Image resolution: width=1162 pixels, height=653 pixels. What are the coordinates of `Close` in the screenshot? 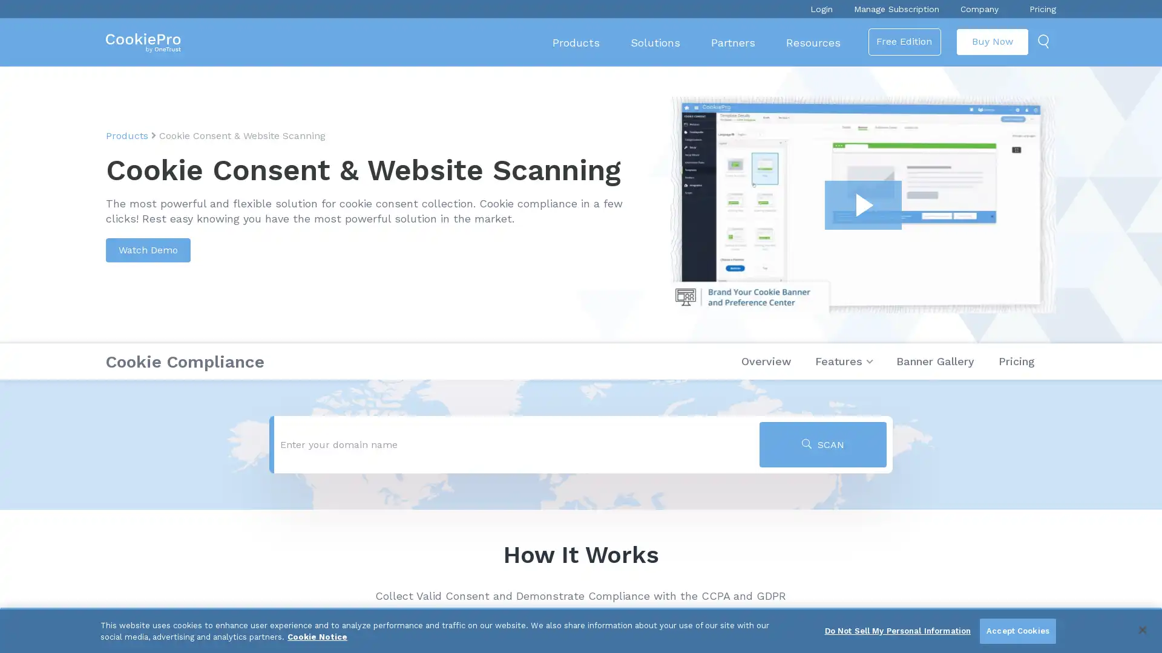 It's located at (1141, 629).